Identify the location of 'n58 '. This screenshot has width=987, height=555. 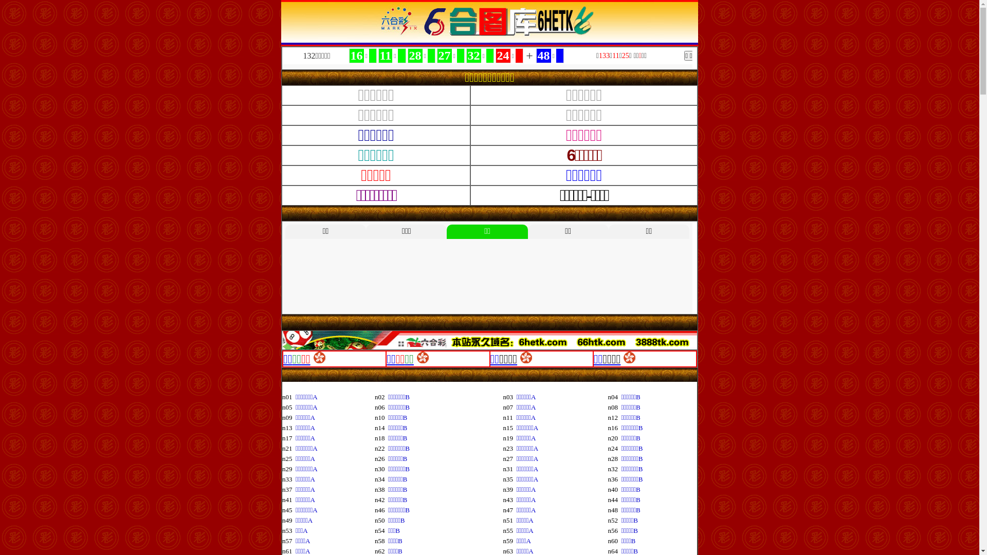
(381, 540).